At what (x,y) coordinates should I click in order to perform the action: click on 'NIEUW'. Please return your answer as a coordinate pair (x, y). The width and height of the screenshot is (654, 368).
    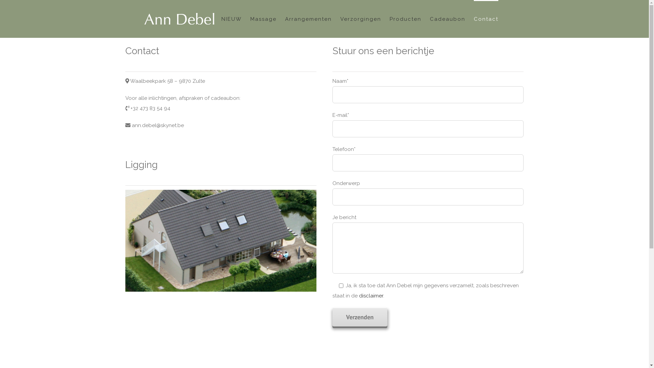
    Looking at the image, I should click on (232, 18).